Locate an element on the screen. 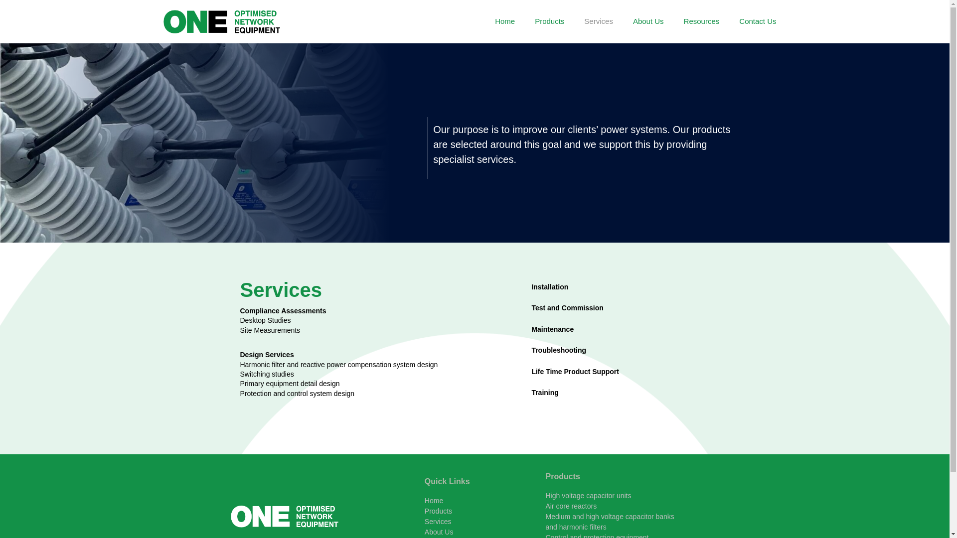 The width and height of the screenshot is (957, 538). 'Resources' is located at coordinates (701, 21).